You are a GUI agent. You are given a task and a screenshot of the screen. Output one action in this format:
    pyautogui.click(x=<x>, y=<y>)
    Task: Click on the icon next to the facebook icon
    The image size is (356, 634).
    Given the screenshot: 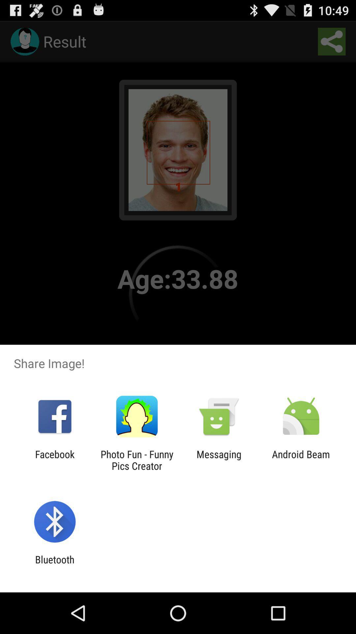 What is the action you would take?
    pyautogui.click(x=136, y=460)
    